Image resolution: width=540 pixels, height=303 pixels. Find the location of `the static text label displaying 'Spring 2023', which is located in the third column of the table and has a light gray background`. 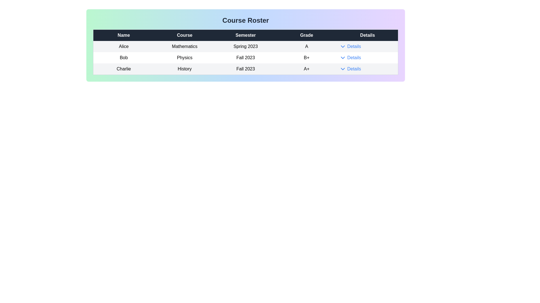

the static text label displaying 'Spring 2023', which is located in the third column of the table and has a light gray background is located at coordinates (246, 46).